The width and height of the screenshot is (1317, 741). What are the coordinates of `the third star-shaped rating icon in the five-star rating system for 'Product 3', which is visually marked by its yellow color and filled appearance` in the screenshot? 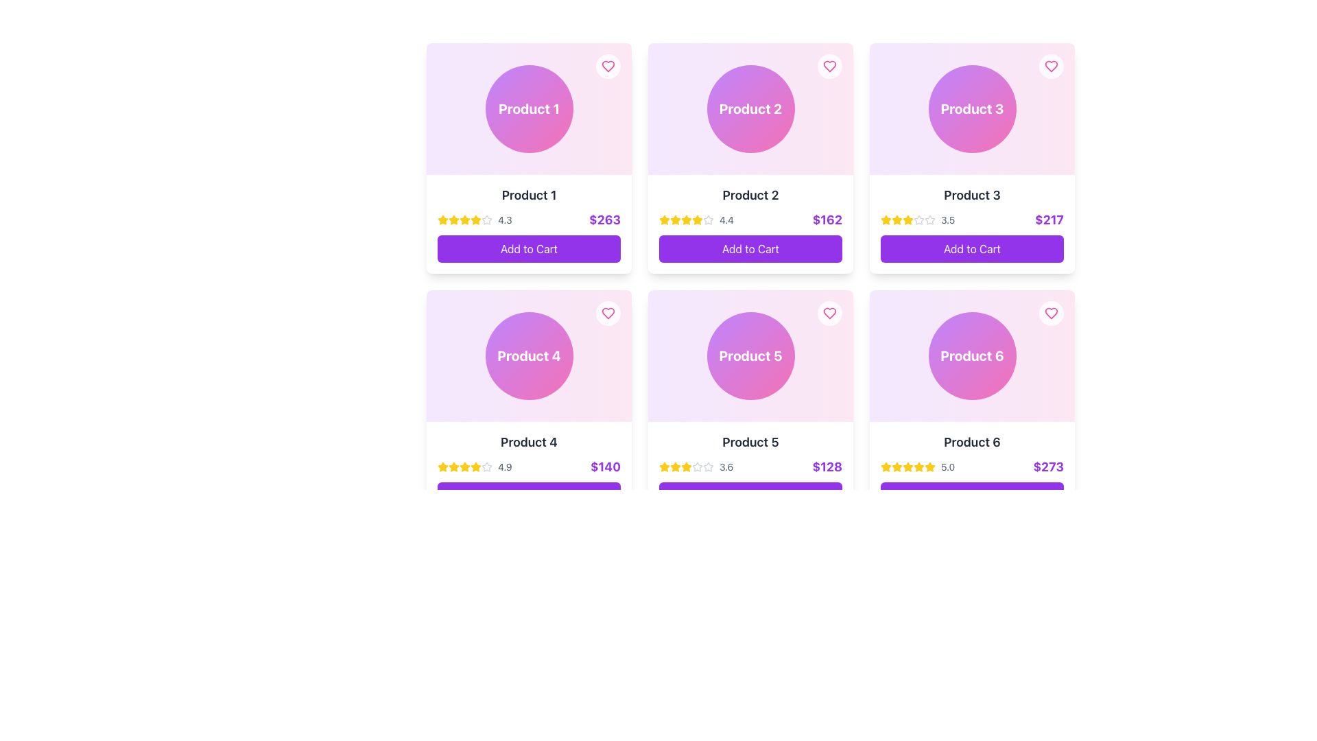 It's located at (897, 219).